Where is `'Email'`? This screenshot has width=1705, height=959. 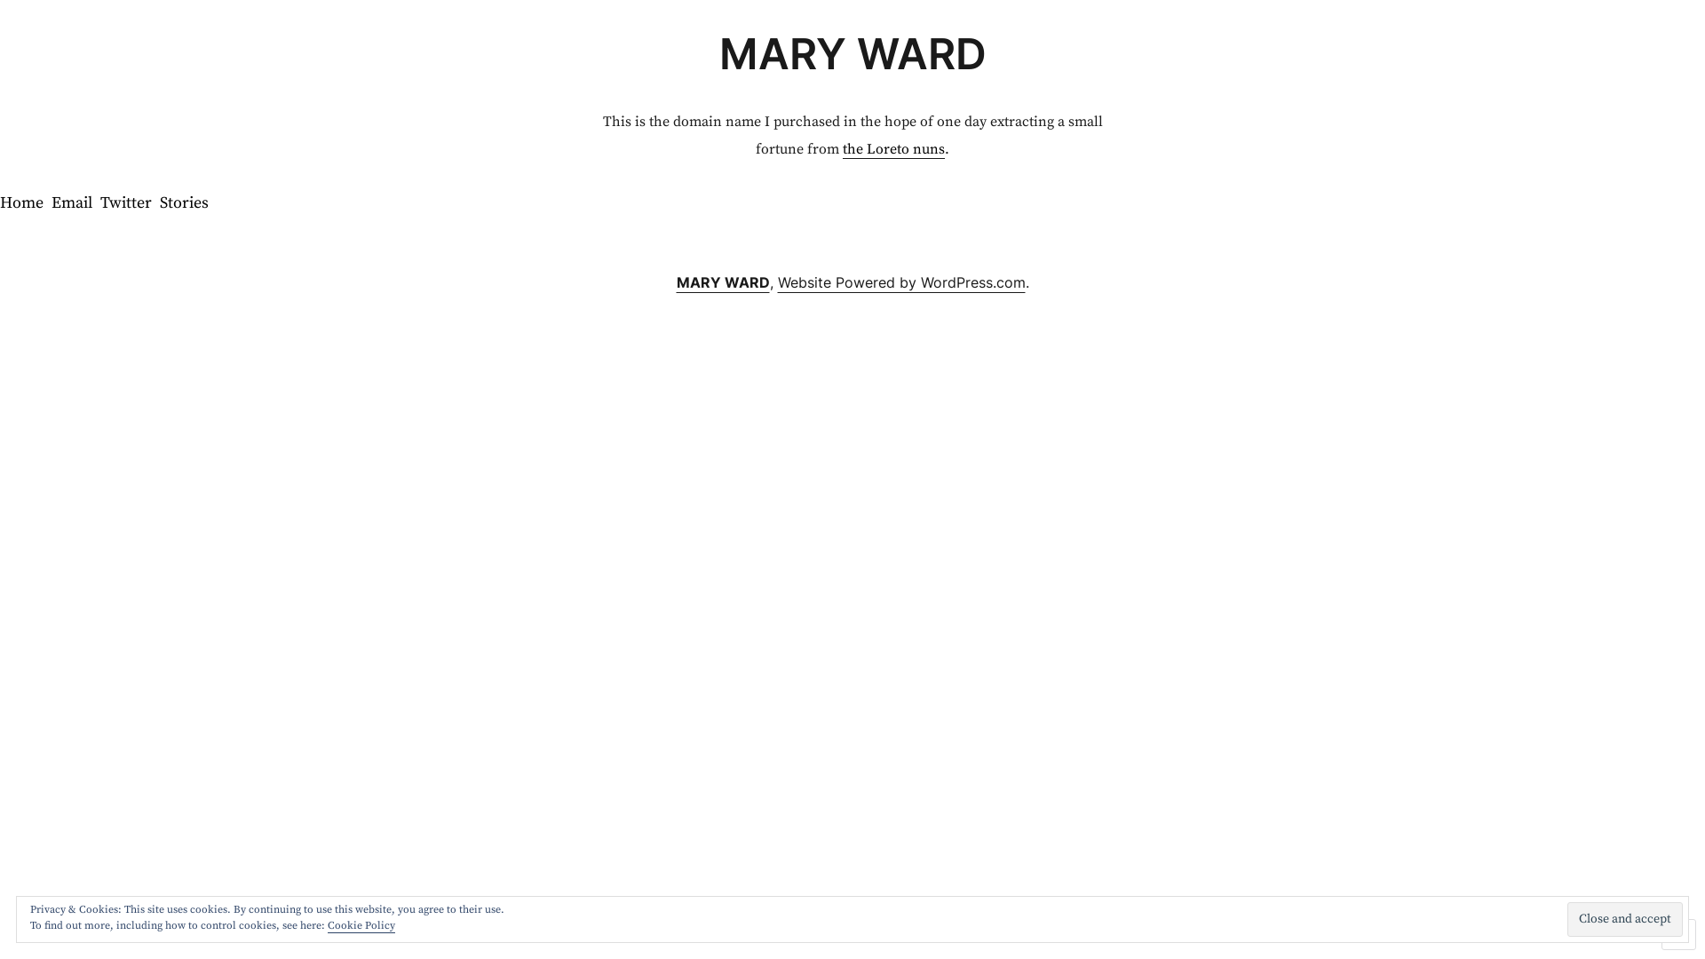
'Email' is located at coordinates (71, 203).